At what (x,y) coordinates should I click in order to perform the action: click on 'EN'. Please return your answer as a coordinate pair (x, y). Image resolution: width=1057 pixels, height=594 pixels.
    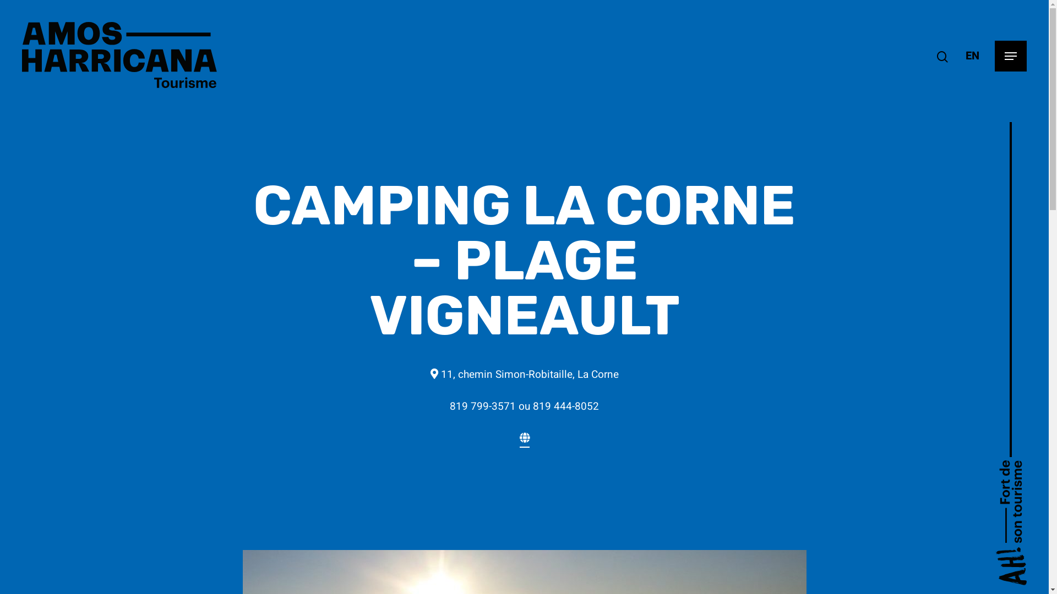
    Looking at the image, I should click on (965, 56).